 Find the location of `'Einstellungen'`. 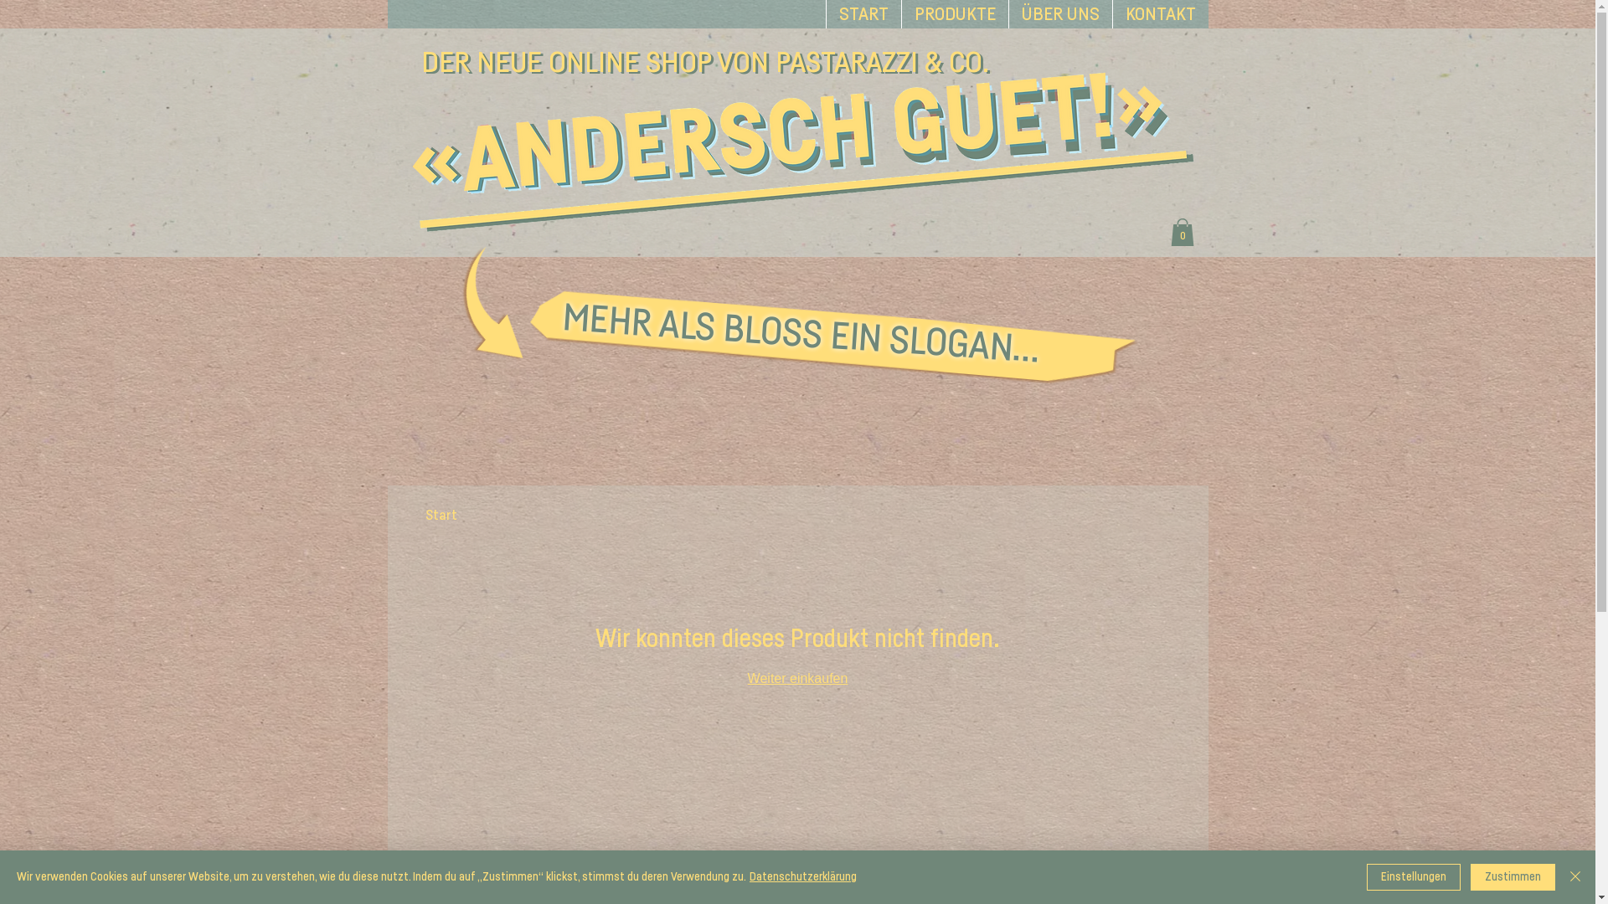

'Einstellungen' is located at coordinates (1413, 876).